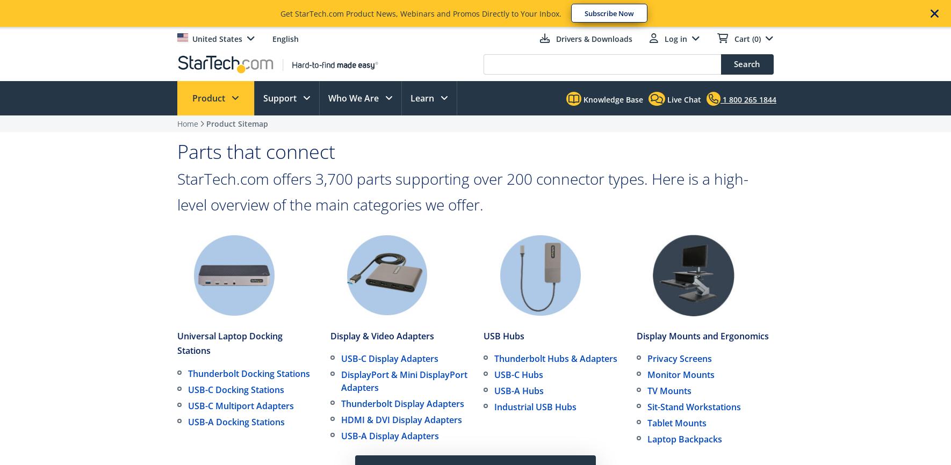 The width and height of the screenshot is (951, 465). What do you see at coordinates (421, 13) in the screenshot?
I see `'Get StarTech.com Product News, Webinars and Promos Directly to Your Inbox.'` at bounding box center [421, 13].